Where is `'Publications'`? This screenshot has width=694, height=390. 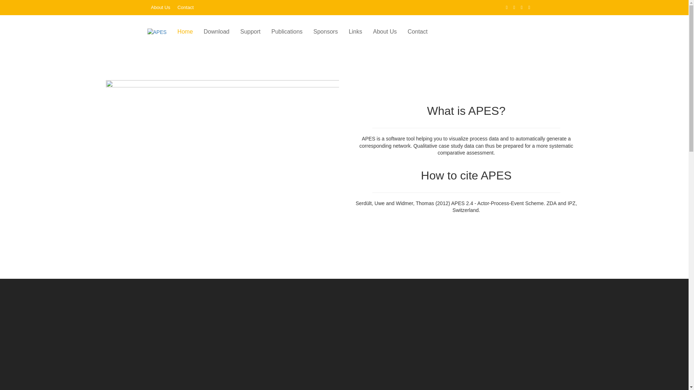 'Publications' is located at coordinates (286, 31).